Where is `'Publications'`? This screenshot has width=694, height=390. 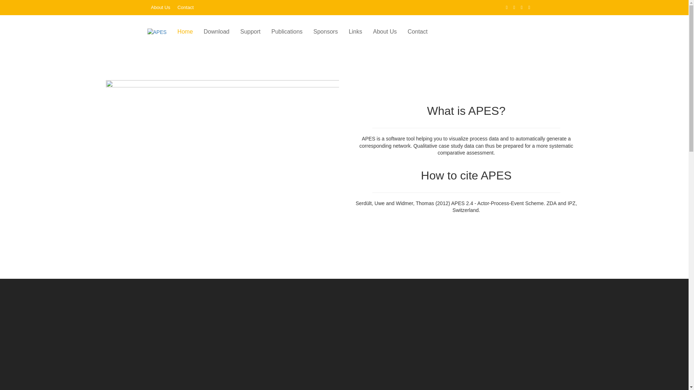 'Publications' is located at coordinates (286, 31).